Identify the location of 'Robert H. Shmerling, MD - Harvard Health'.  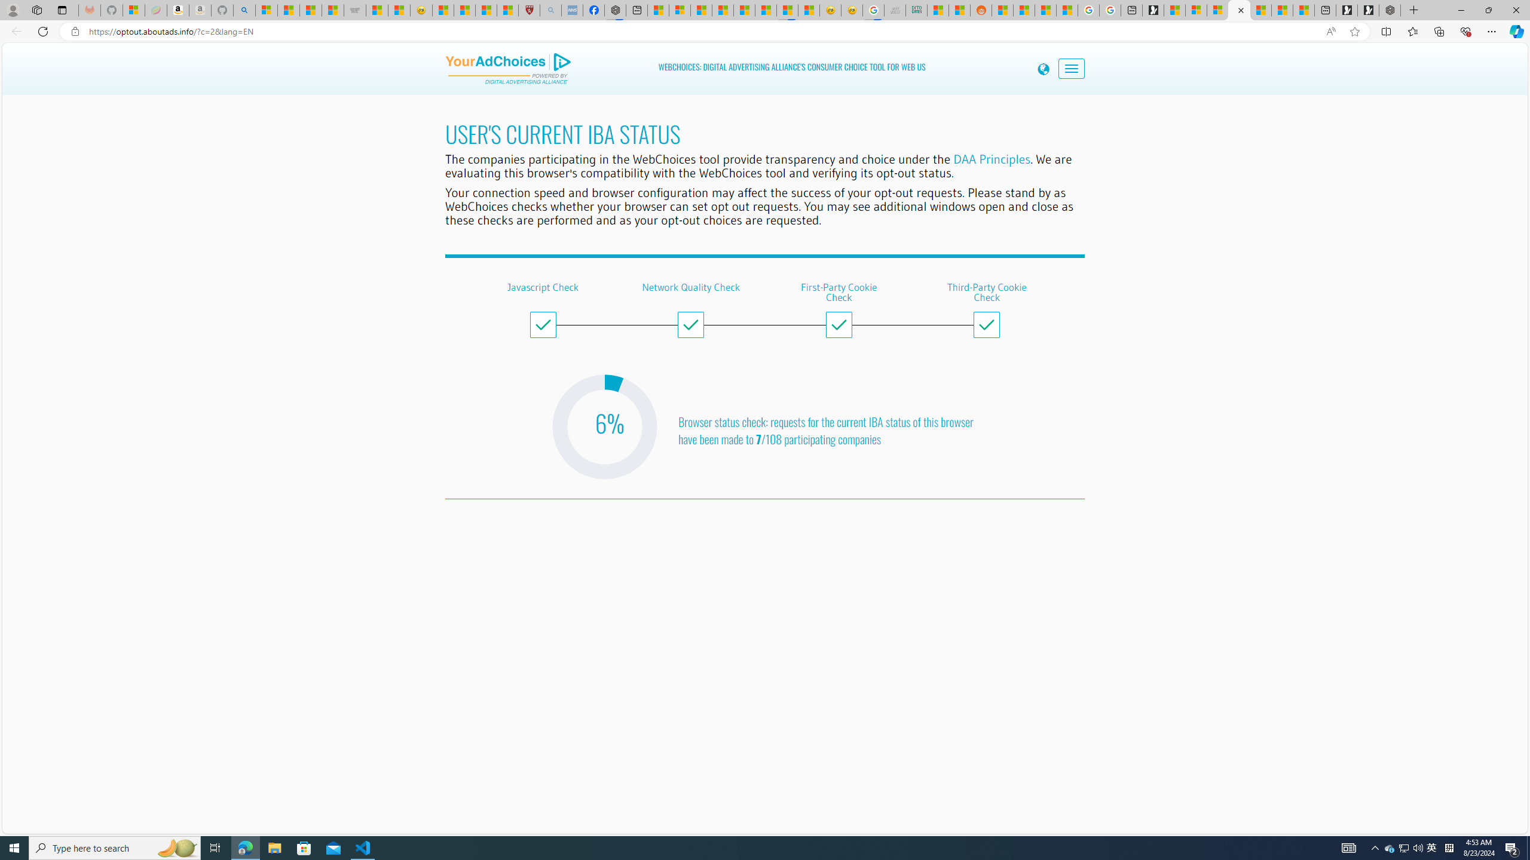
(528, 10).